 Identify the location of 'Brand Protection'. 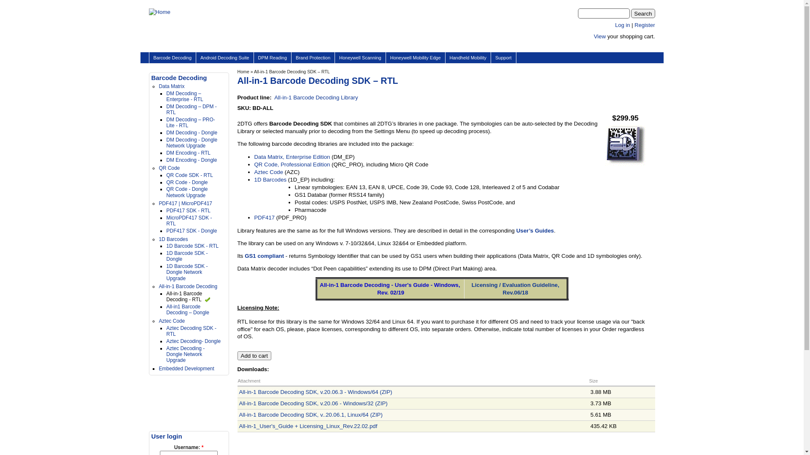
(313, 57).